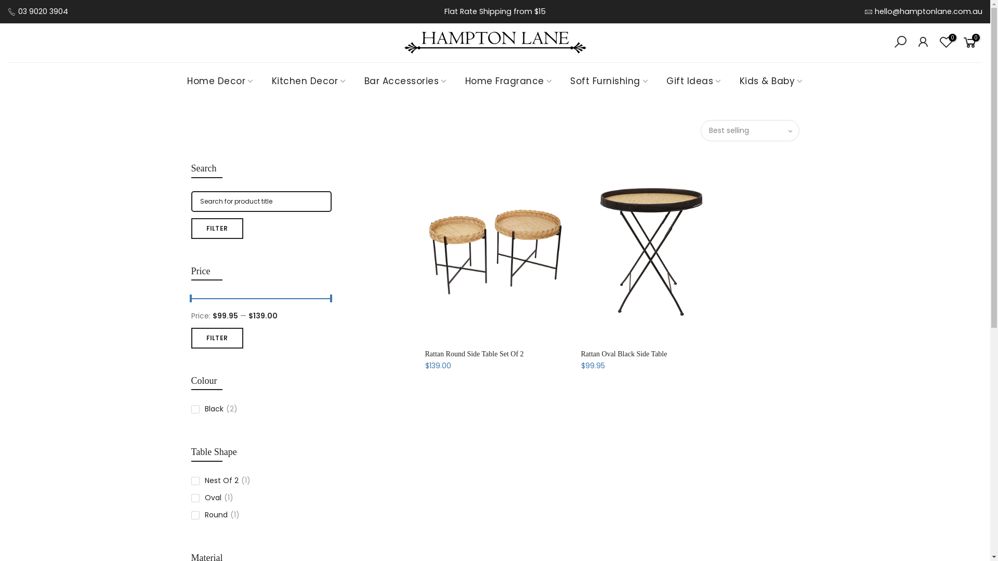 This screenshot has height=561, width=998. What do you see at coordinates (771, 80) in the screenshot?
I see `'Kids & Baby'` at bounding box center [771, 80].